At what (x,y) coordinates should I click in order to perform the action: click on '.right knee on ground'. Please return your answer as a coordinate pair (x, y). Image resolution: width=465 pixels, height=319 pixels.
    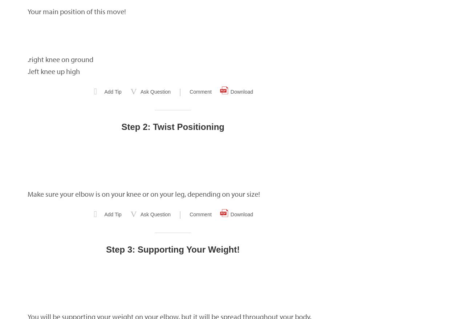
    Looking at the image, I should click on (60, 59).